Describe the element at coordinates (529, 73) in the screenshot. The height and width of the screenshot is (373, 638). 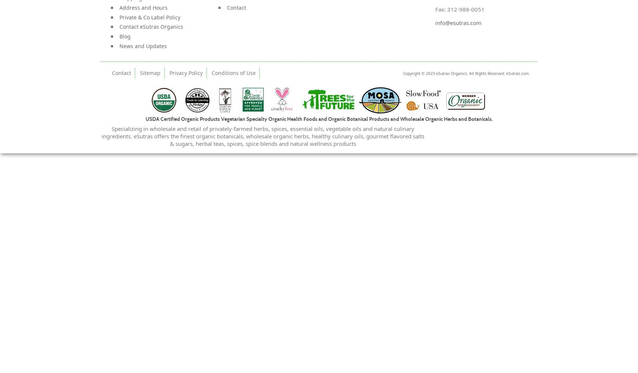
I see `'.'` at that location.